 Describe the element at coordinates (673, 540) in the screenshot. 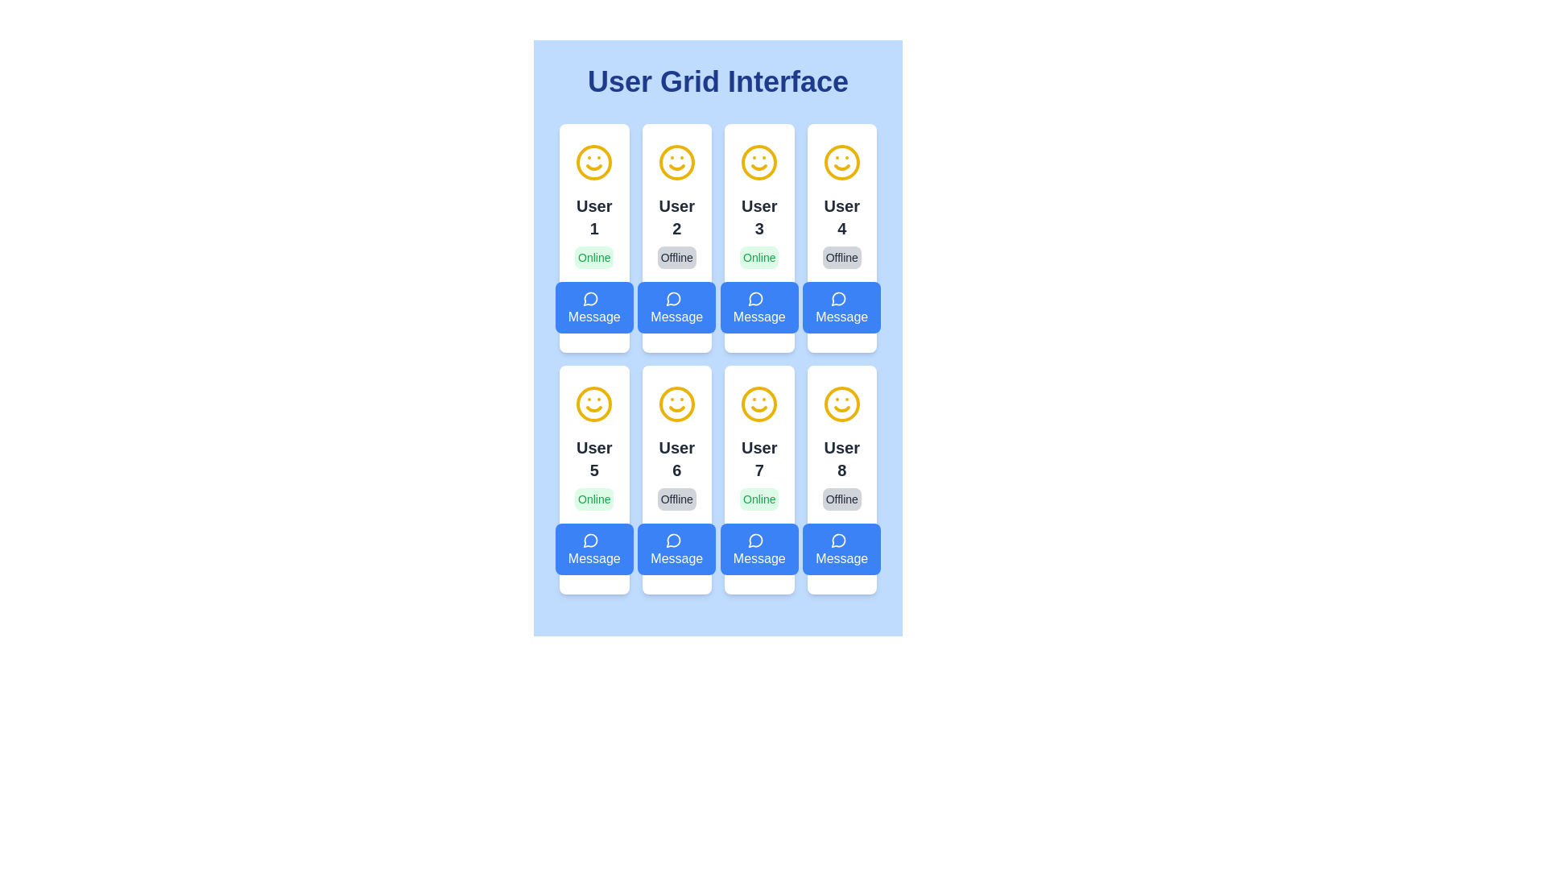

I see `the circular blue chat bubble icon located within the 'Message' button of the 'User 6' card in the user grid interface` at that location.